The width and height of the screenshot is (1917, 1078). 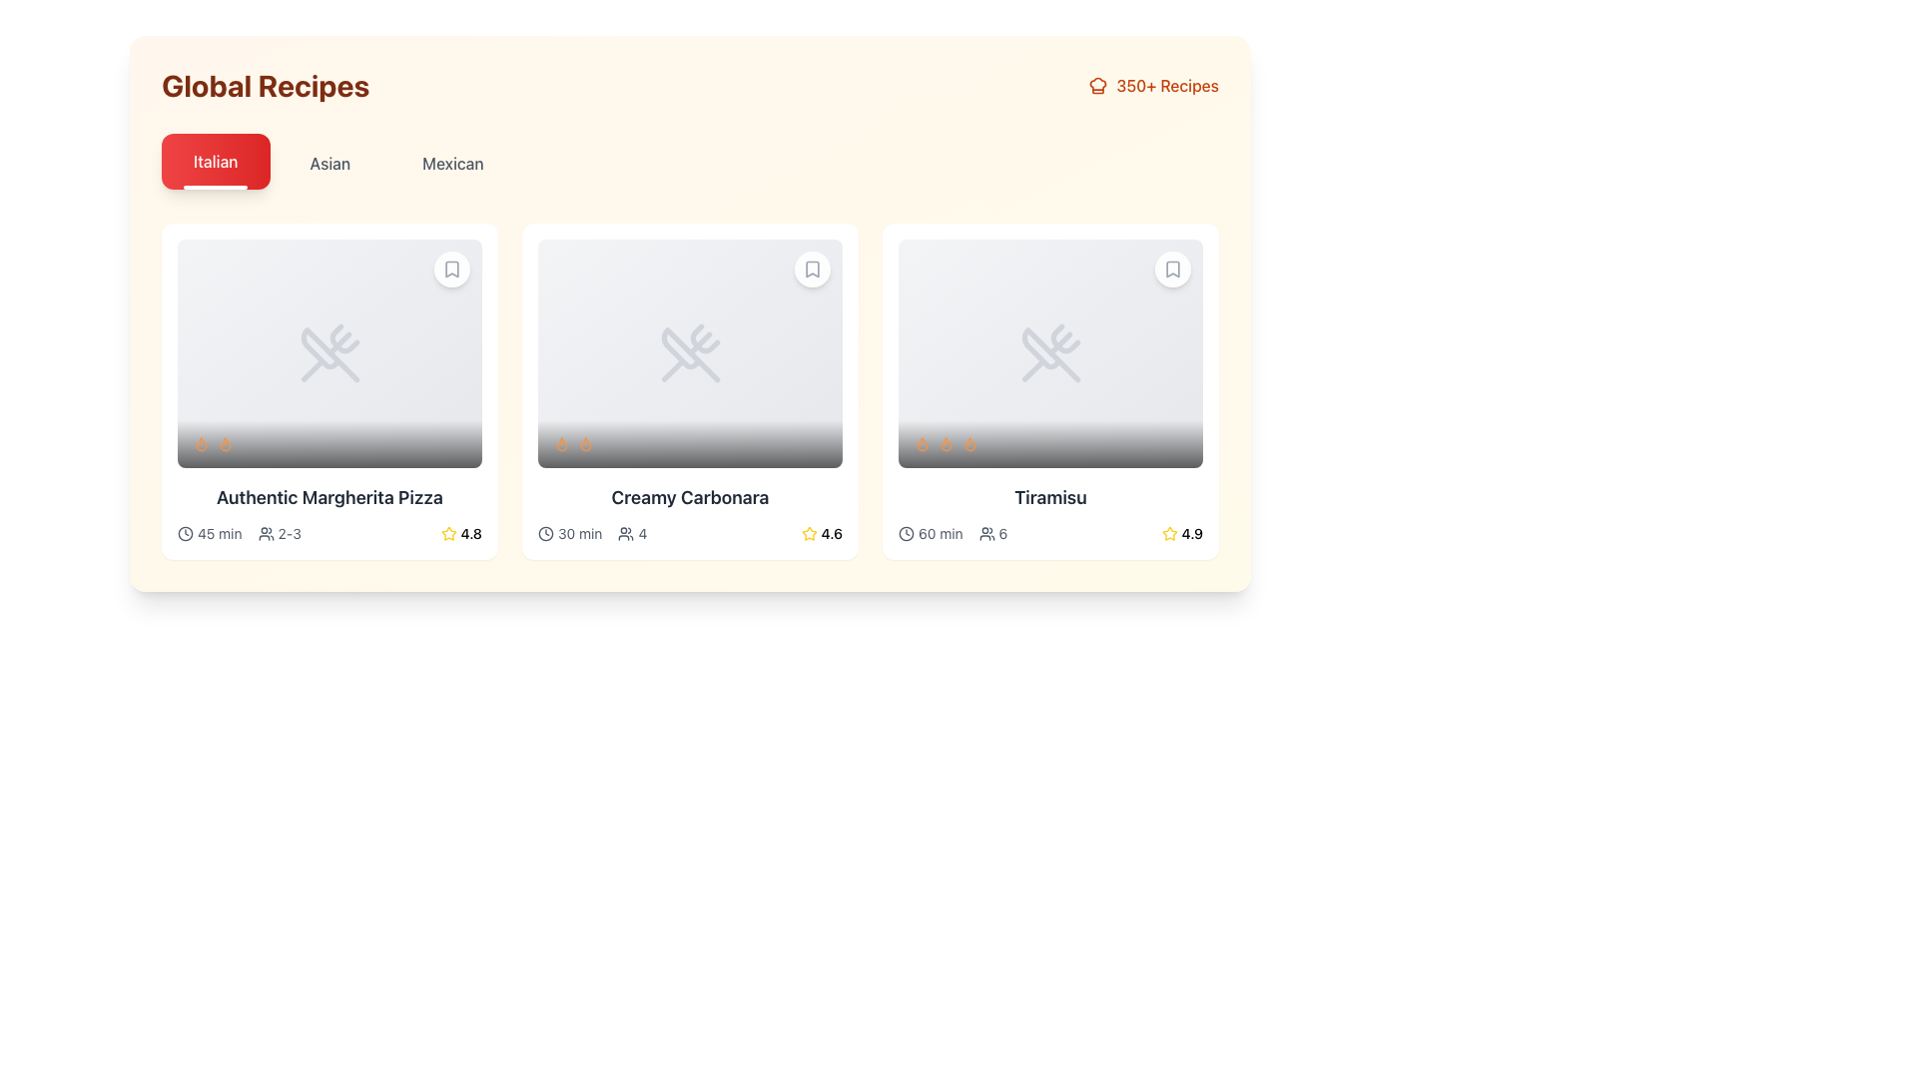 I want to click on title of the recipe card located at the bottom of the second card in a horizontally aligned list of three cards, centered in the interface, so click(x=690, y=496).